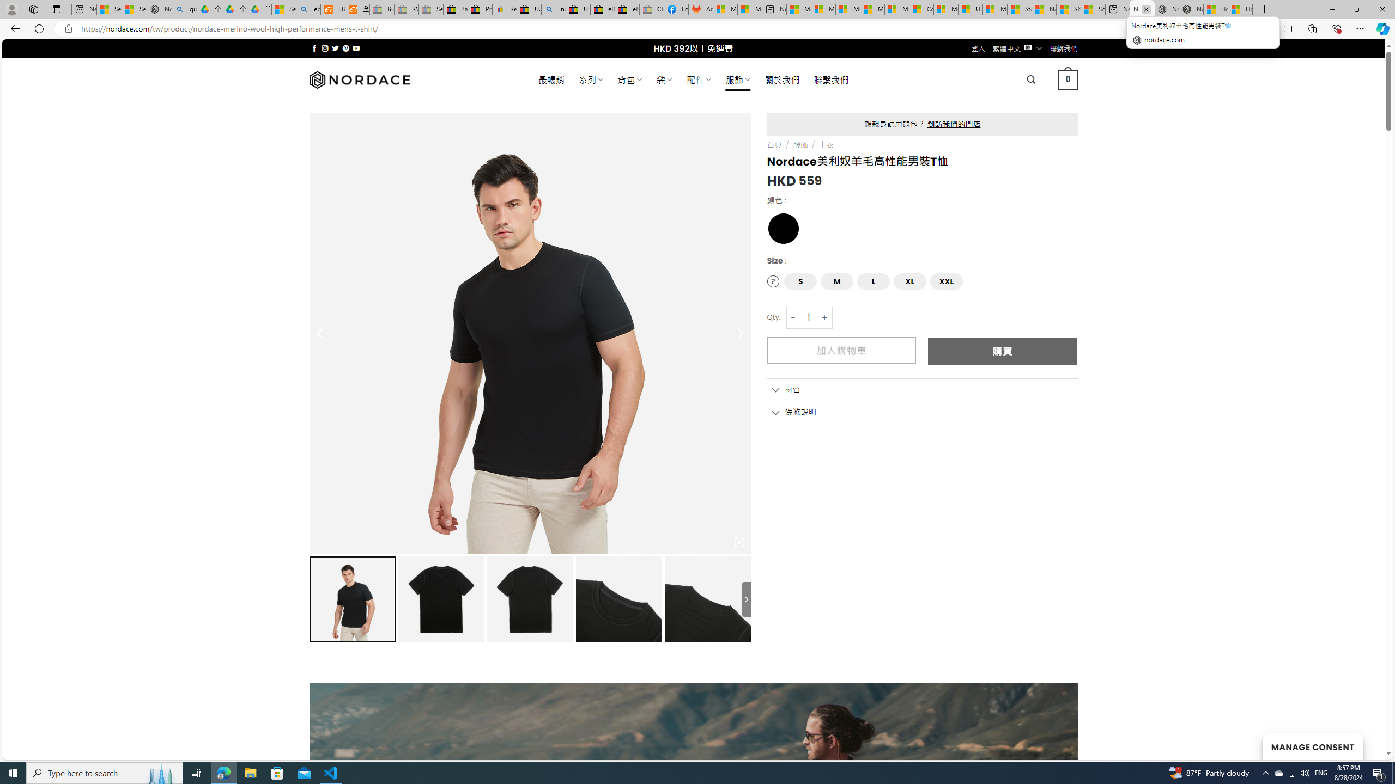 Image resolution: width=1395 pixels, height=784 pixels. I want to click on 'Follow on Twitter', so click(335, 48).